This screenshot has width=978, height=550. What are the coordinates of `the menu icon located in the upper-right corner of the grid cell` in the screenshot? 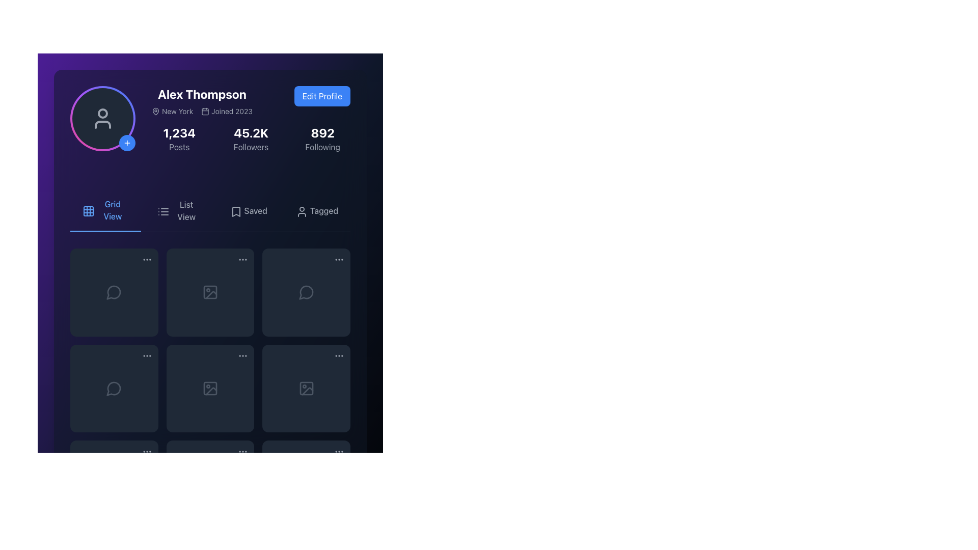 It's located at (242, 259).